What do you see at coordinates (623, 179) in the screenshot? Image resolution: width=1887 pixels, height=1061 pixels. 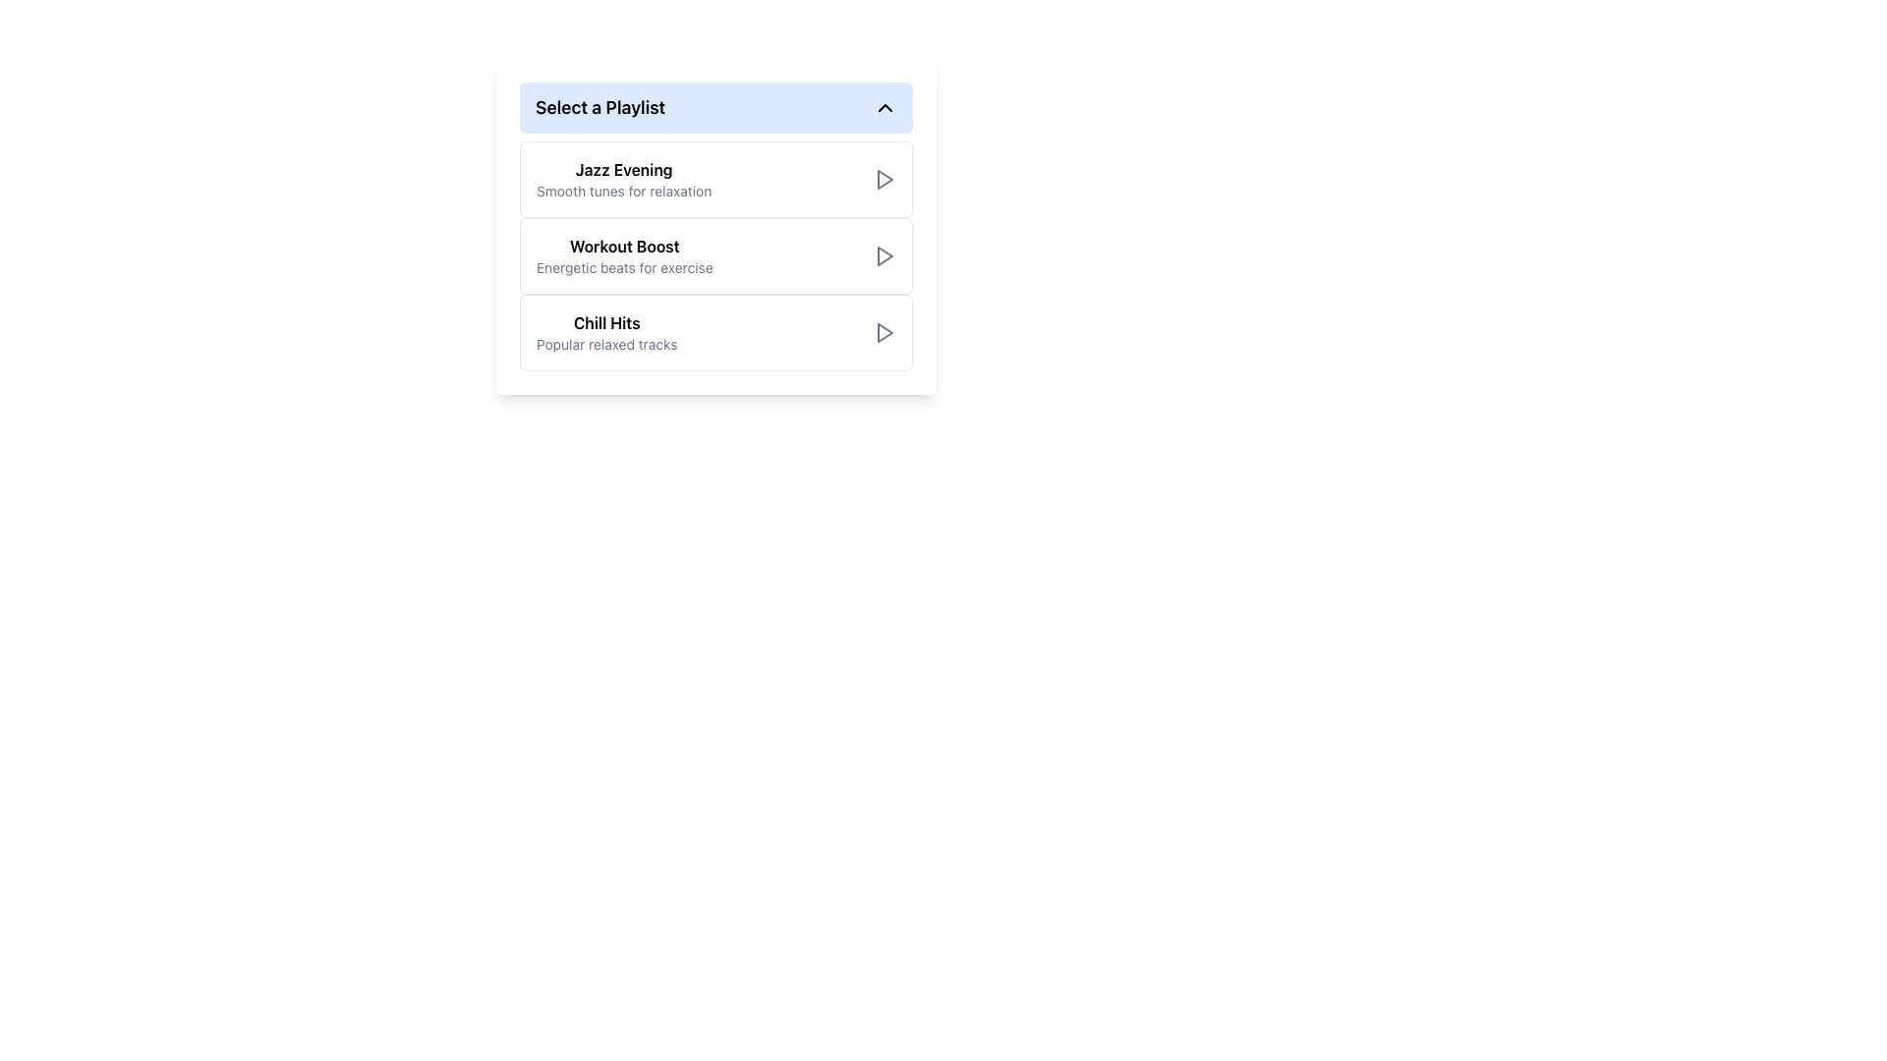 I see `the 'Jazz Evening' playlist title and description text display, which is the first card in the music selection interface under the 'Select a Playlist' heading` at bounding box center [623, 179].